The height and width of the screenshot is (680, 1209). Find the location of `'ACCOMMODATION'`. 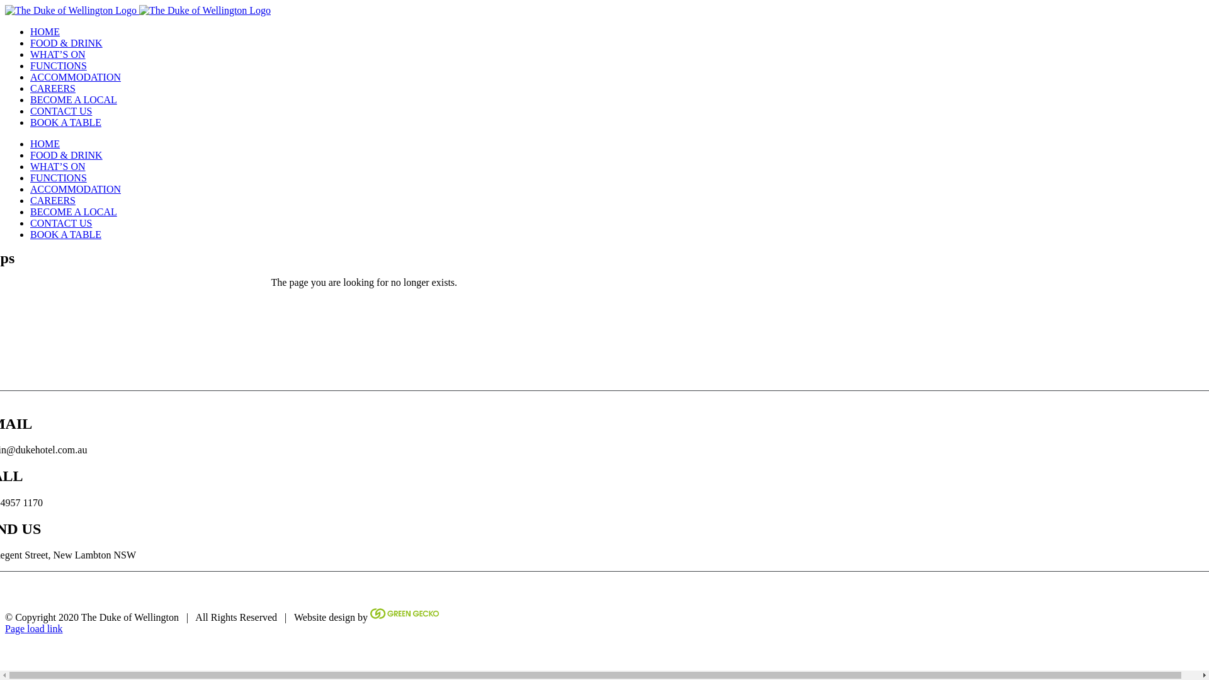

'ACCOMMODATION' is located at coordinates (75, 189).